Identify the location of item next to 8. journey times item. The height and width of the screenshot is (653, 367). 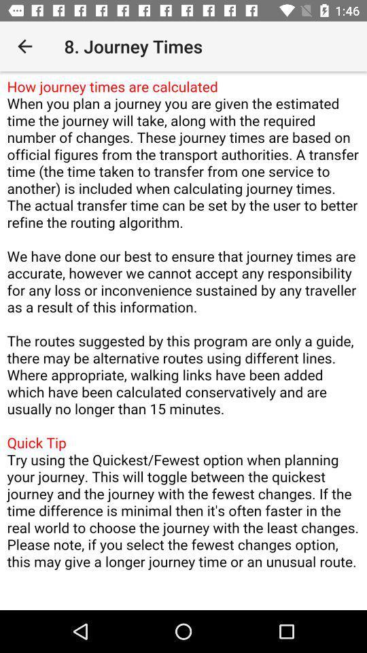
(24, 46).